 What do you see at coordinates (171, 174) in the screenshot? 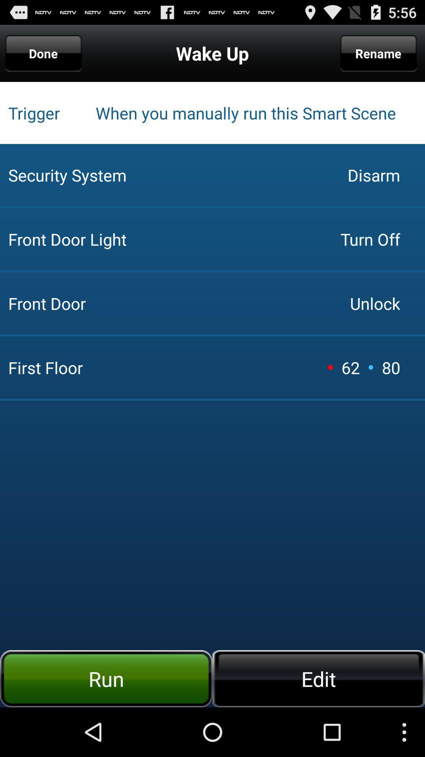
I see `icon below trigger` at bounding box center [171, 174].